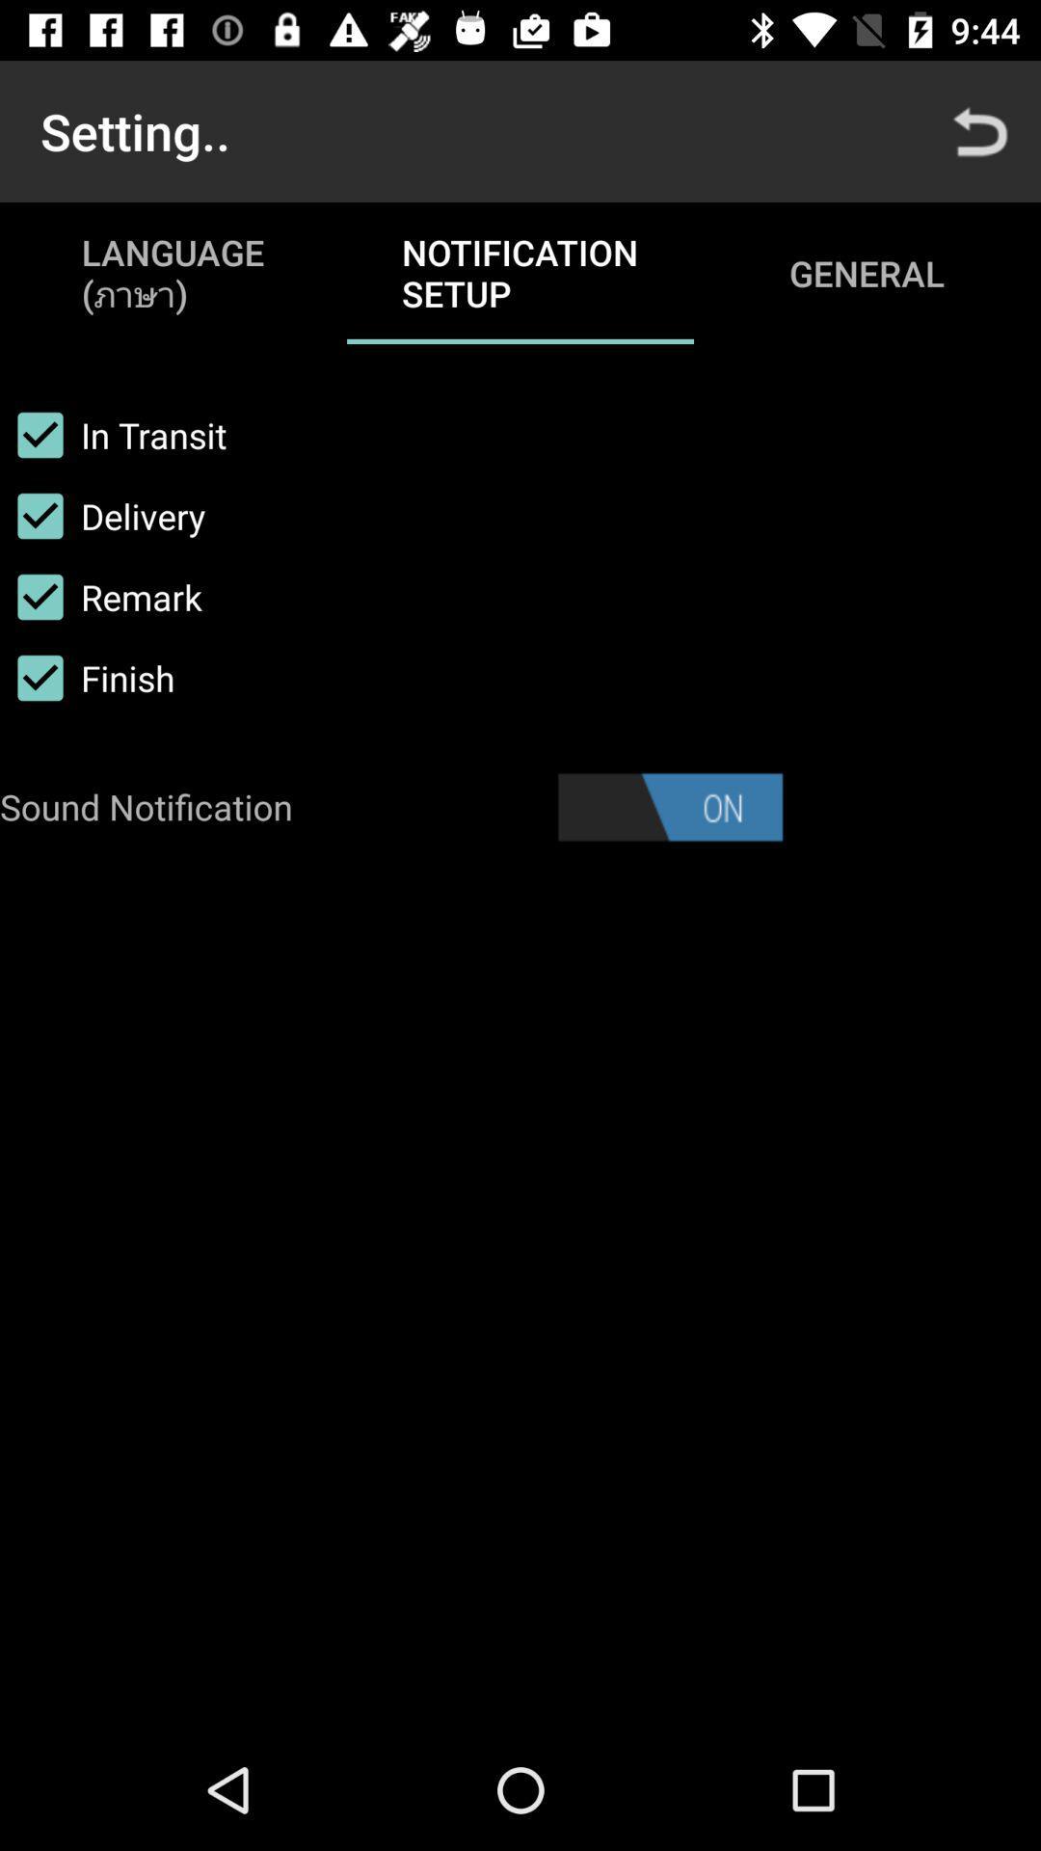 Image resolution: width=1041 pixels, height=1851 pixels. I want to click on the icon to the right of notification, so click(980, 130).